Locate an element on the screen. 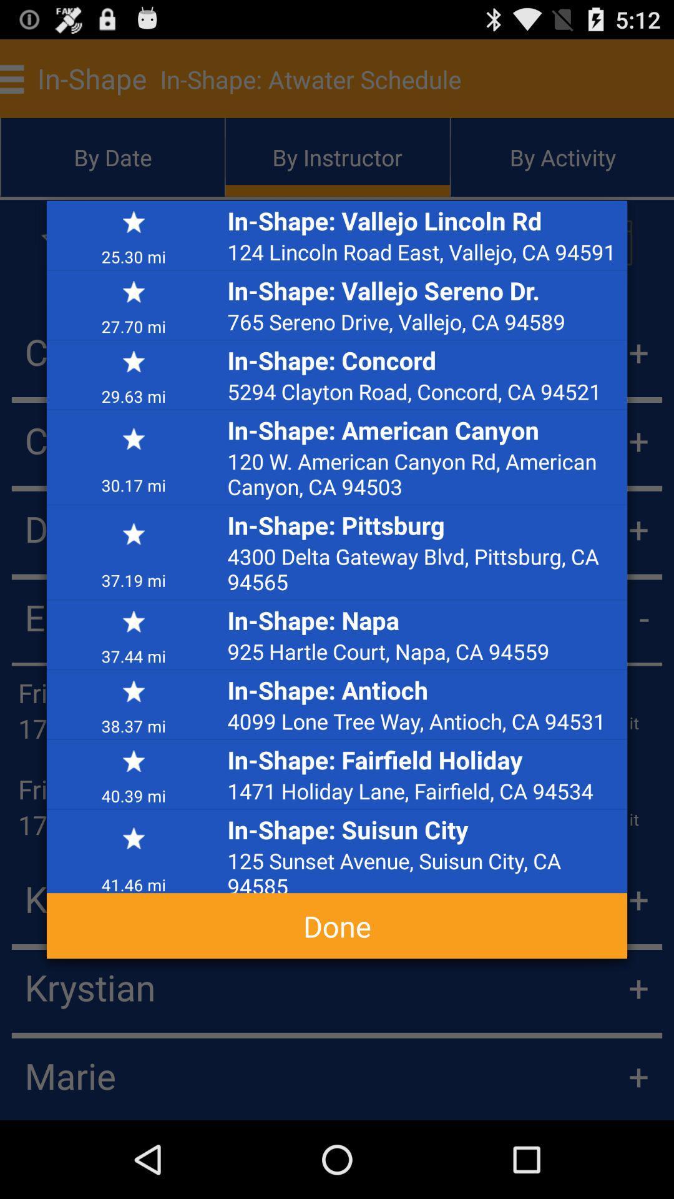 The image size is (674, 1199). 4099 lone tree app is located at coordinates (423, 721).